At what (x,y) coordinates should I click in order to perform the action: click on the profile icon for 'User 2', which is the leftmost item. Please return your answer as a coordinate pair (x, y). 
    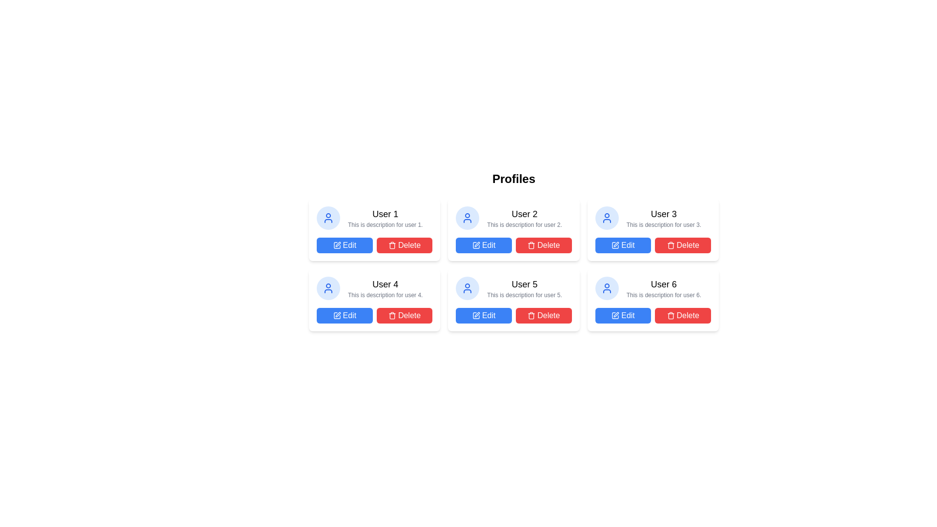
    Looking at the image, I should click on (467, 218).